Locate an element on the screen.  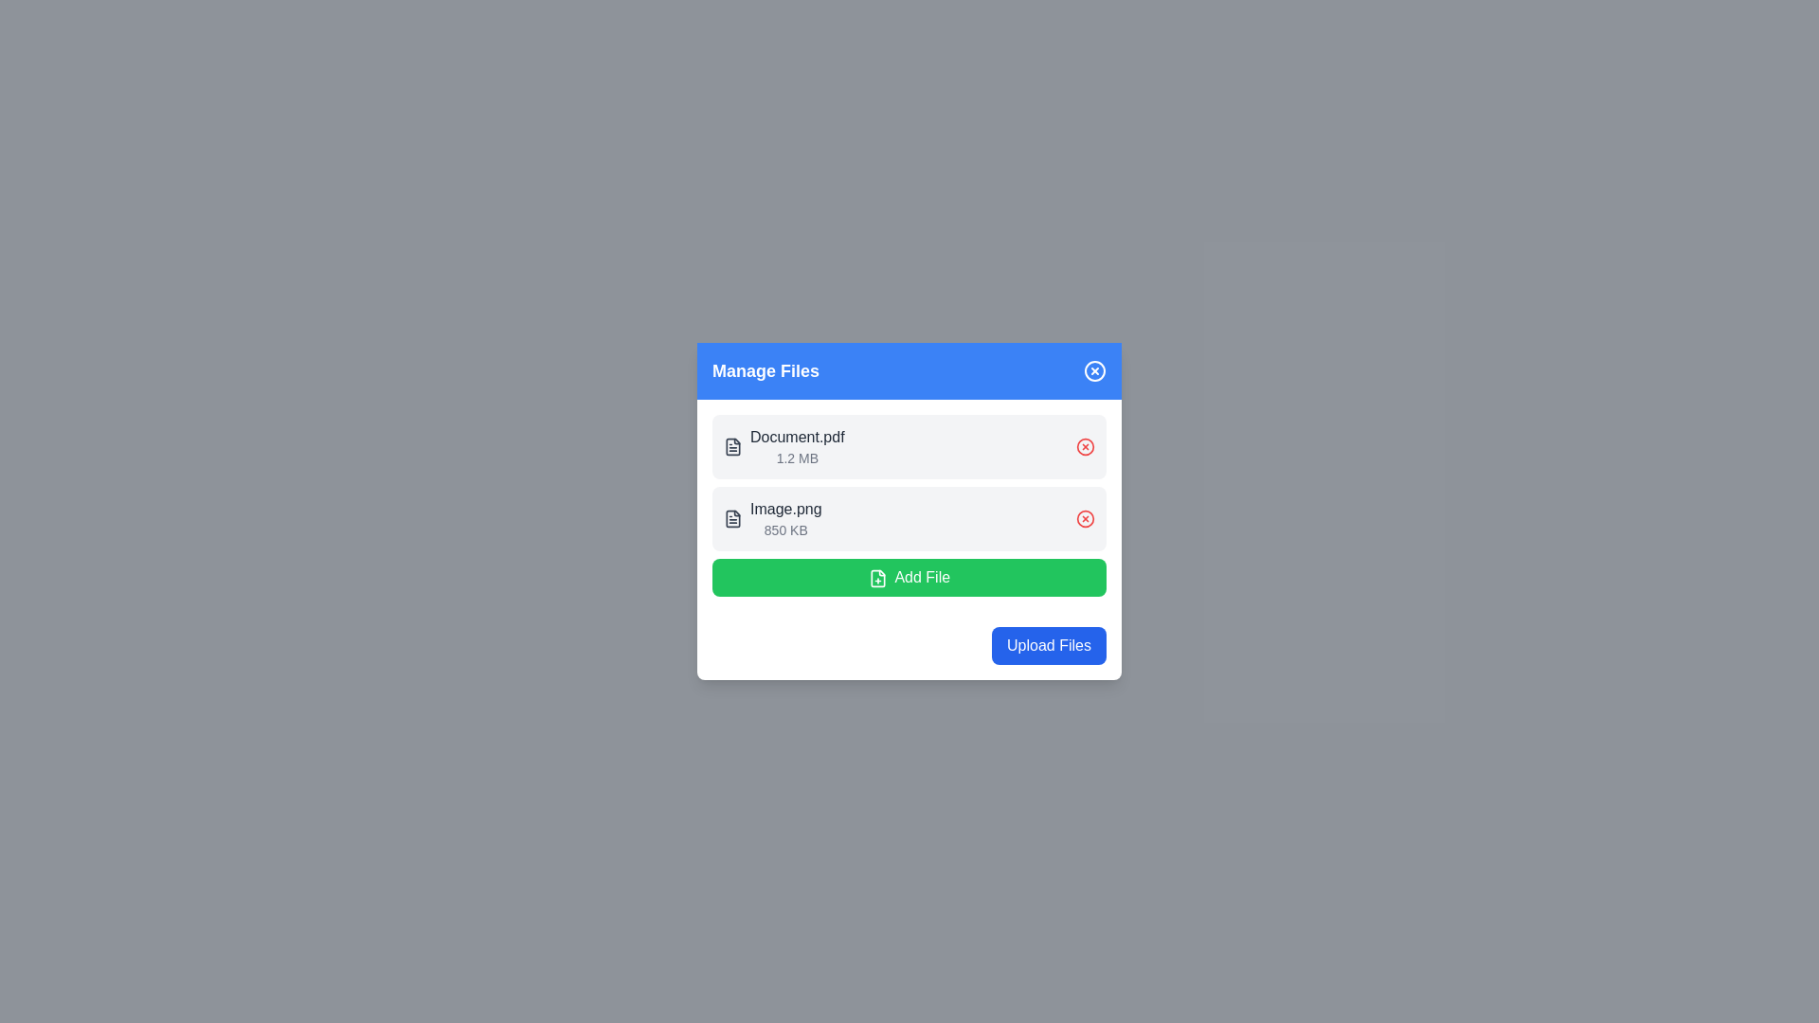
the file descriptor displaying 'Image.png' and '850 KB' for additional actions or information is located at coordinates (772, 518).